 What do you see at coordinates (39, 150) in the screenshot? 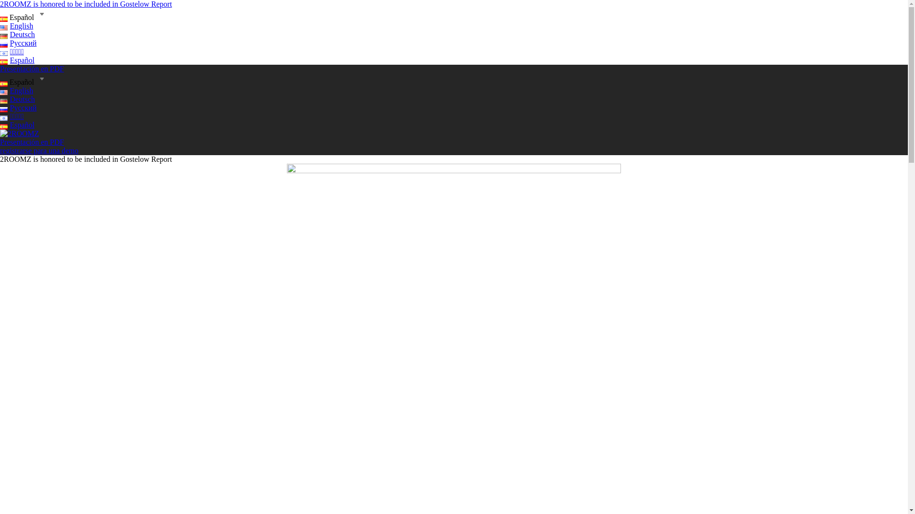
I see `'registrarse para una demo'` at bounding box center [39, 150].